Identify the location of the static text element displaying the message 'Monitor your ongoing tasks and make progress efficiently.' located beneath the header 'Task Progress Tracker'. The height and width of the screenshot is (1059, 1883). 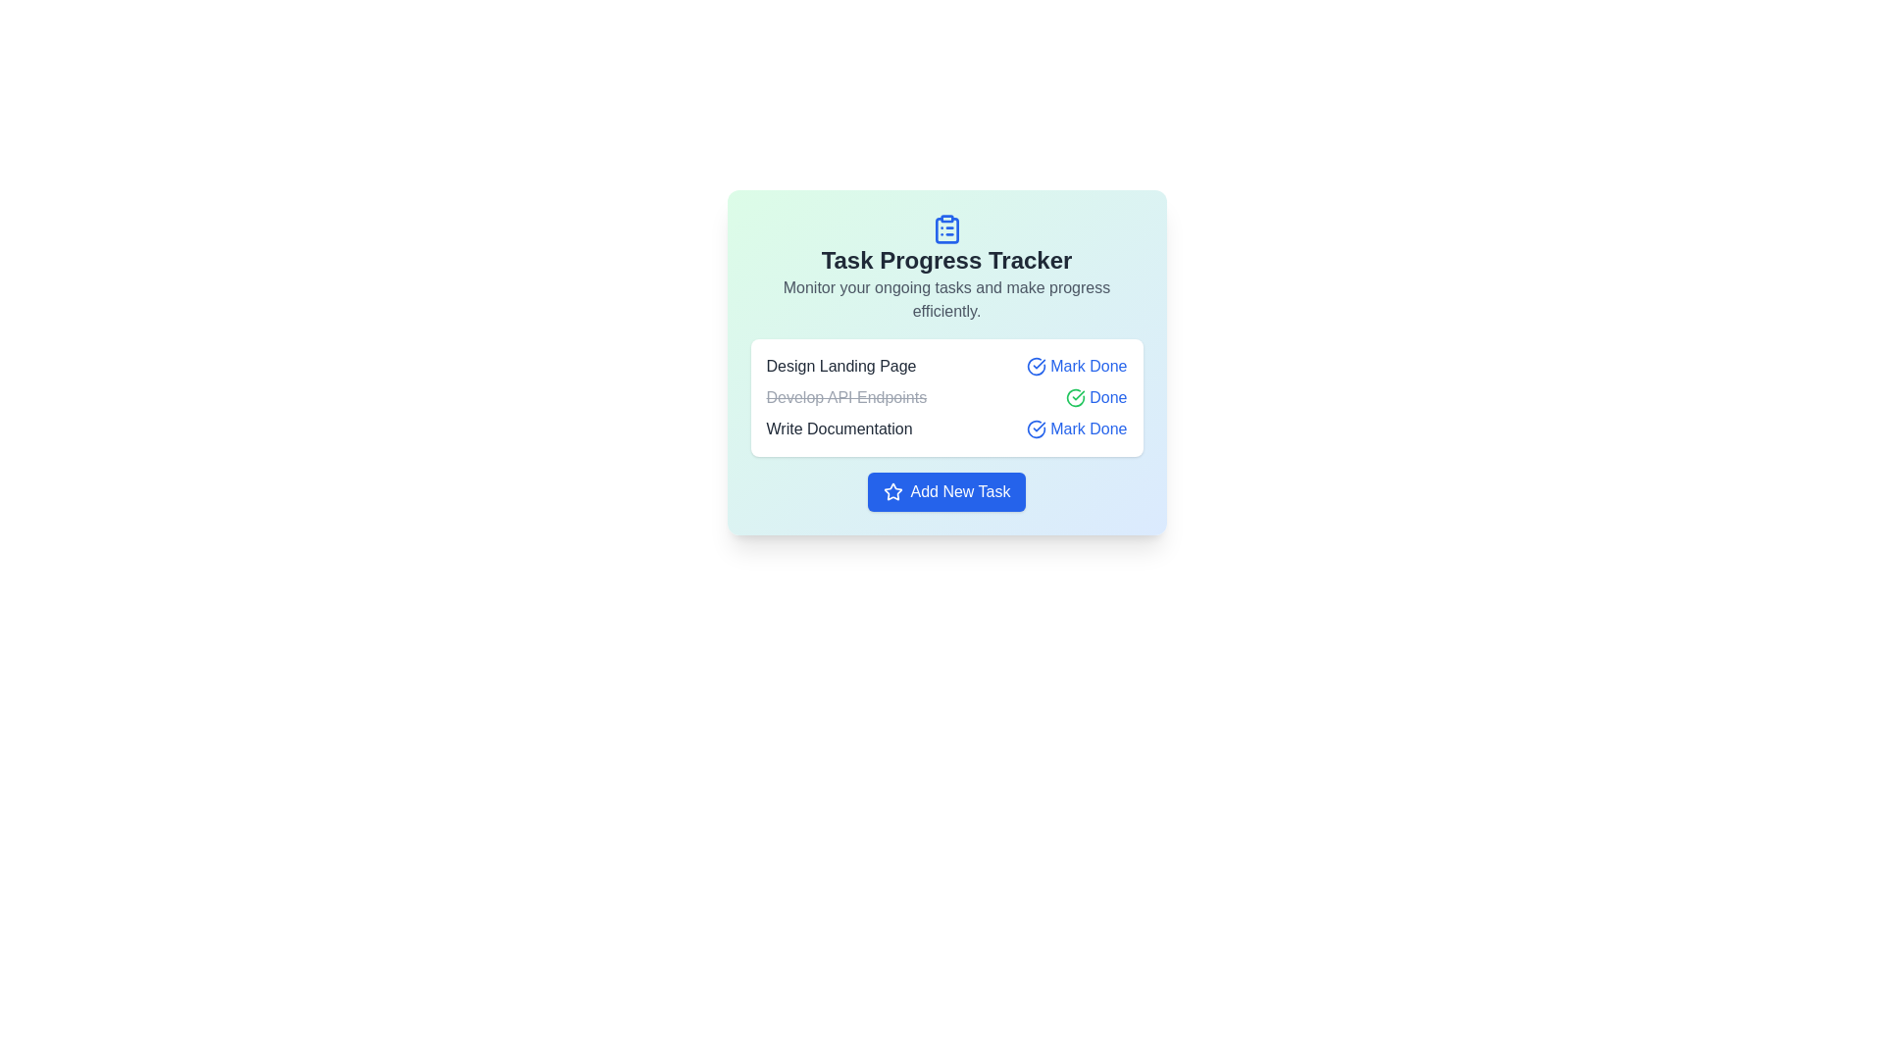
(946, 299).